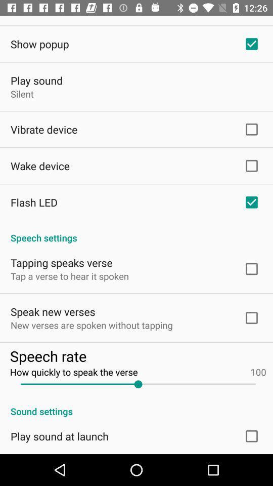 Image resolution: width=273 pixels, height=486 pixels. Describe the element at coordinates (69, 276) in the screenshot. I see `the item above the speak new verses` at that location.